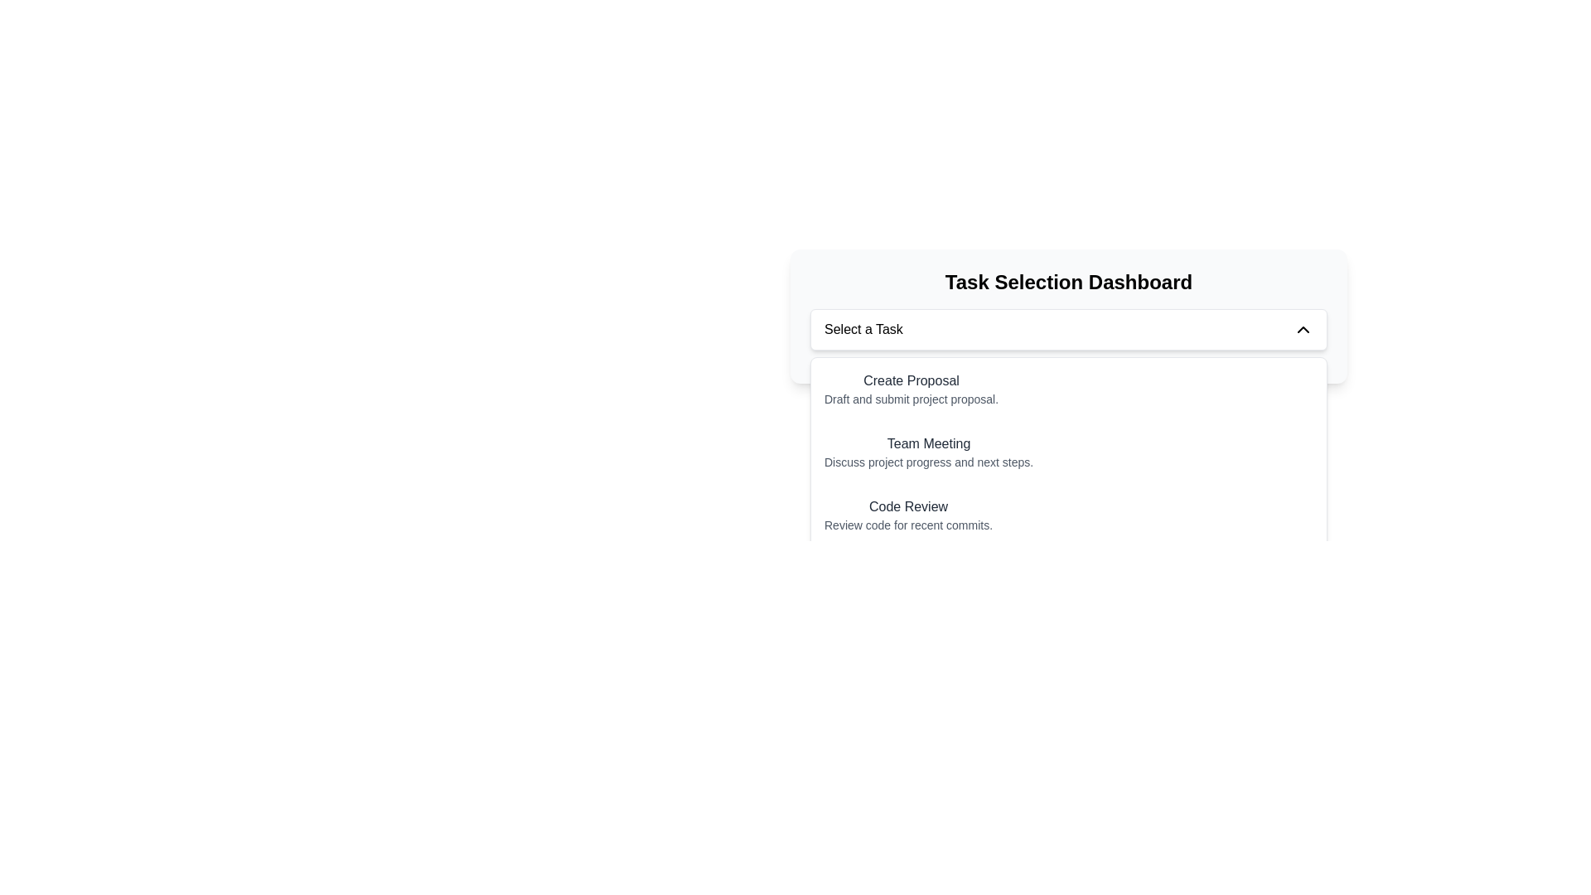 The image size is (1591, 895). Describe the element at coordinates (1069, 389) in the screenshot. I see `the first menu item in the vertical list for creating a proposal` at that location.